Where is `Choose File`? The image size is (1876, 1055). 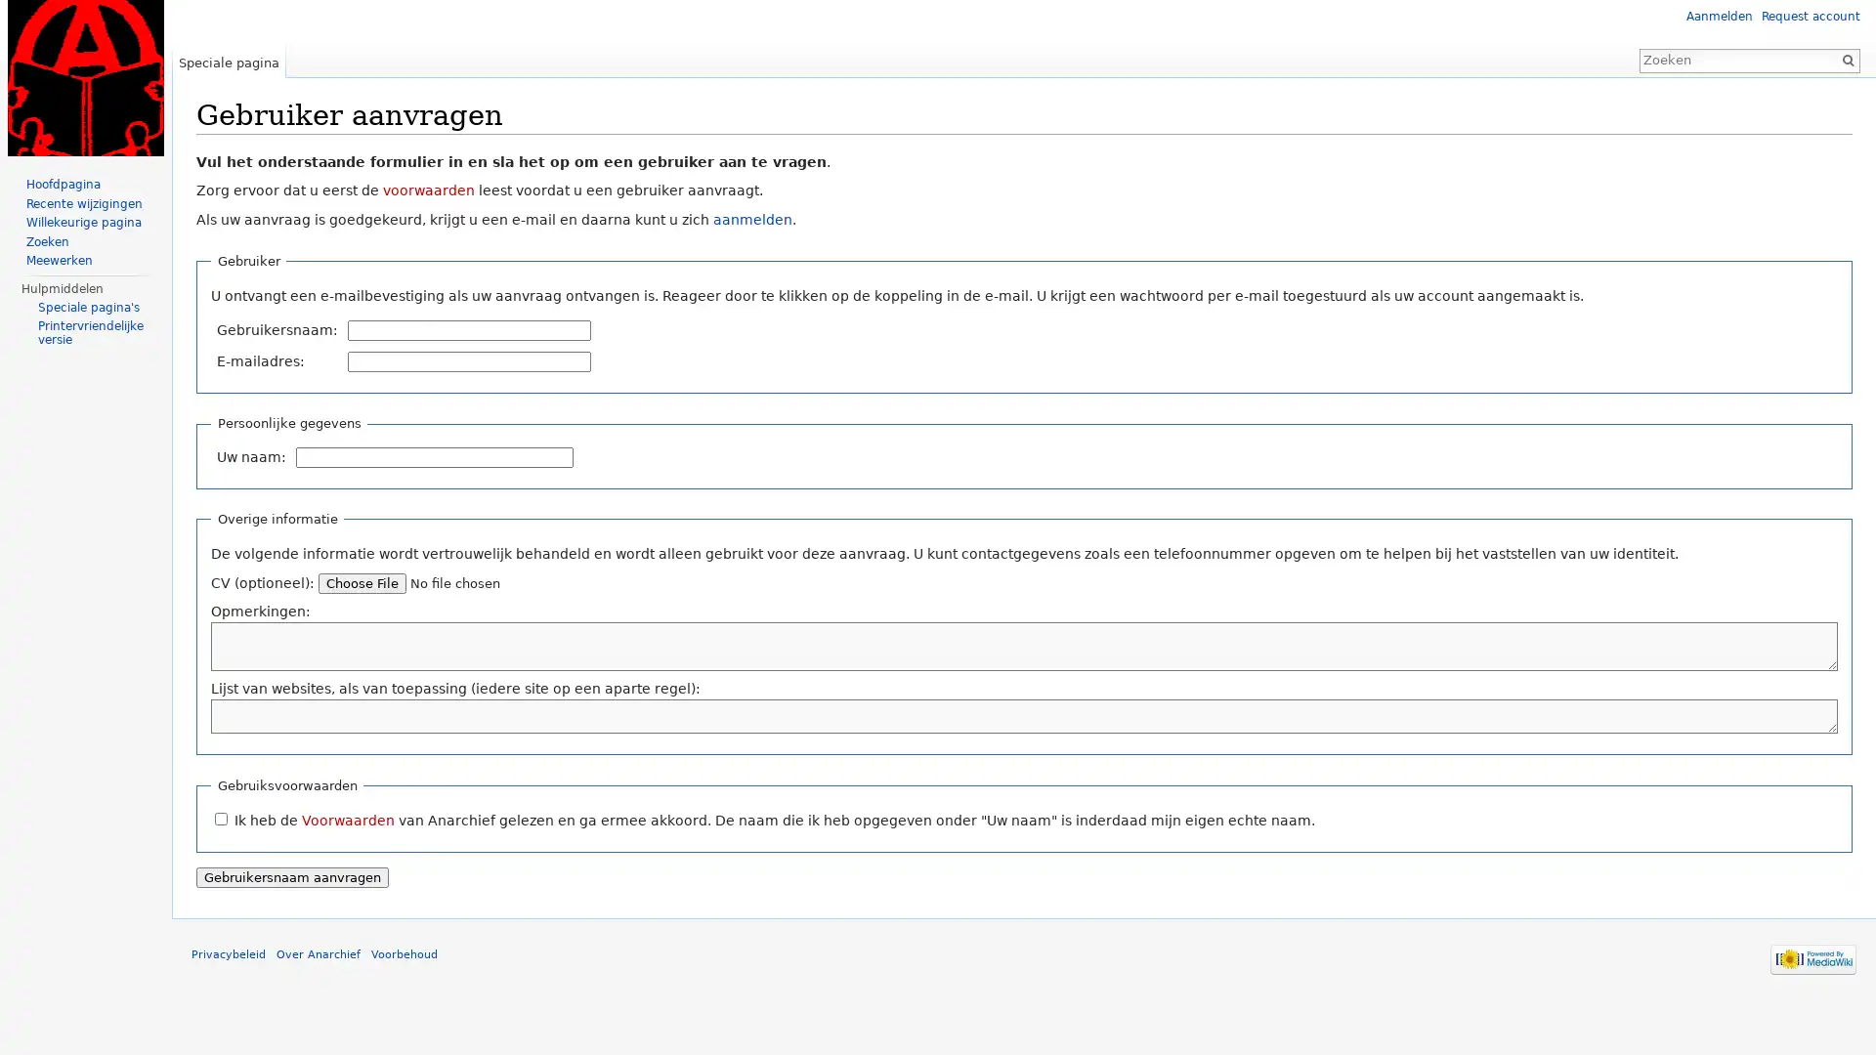 Choose File is located at coordinates (362, 581).